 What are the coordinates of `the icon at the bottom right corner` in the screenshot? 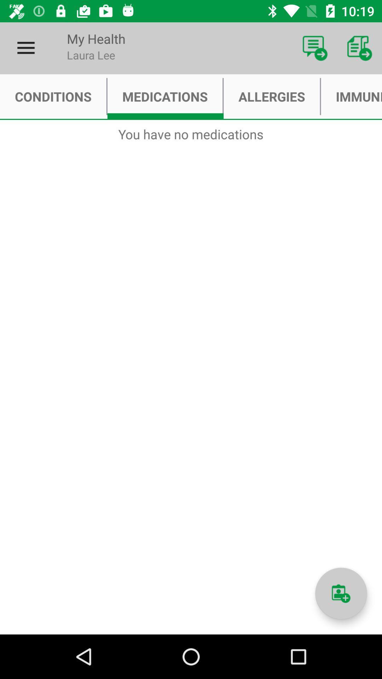 It's located at (341, 593).